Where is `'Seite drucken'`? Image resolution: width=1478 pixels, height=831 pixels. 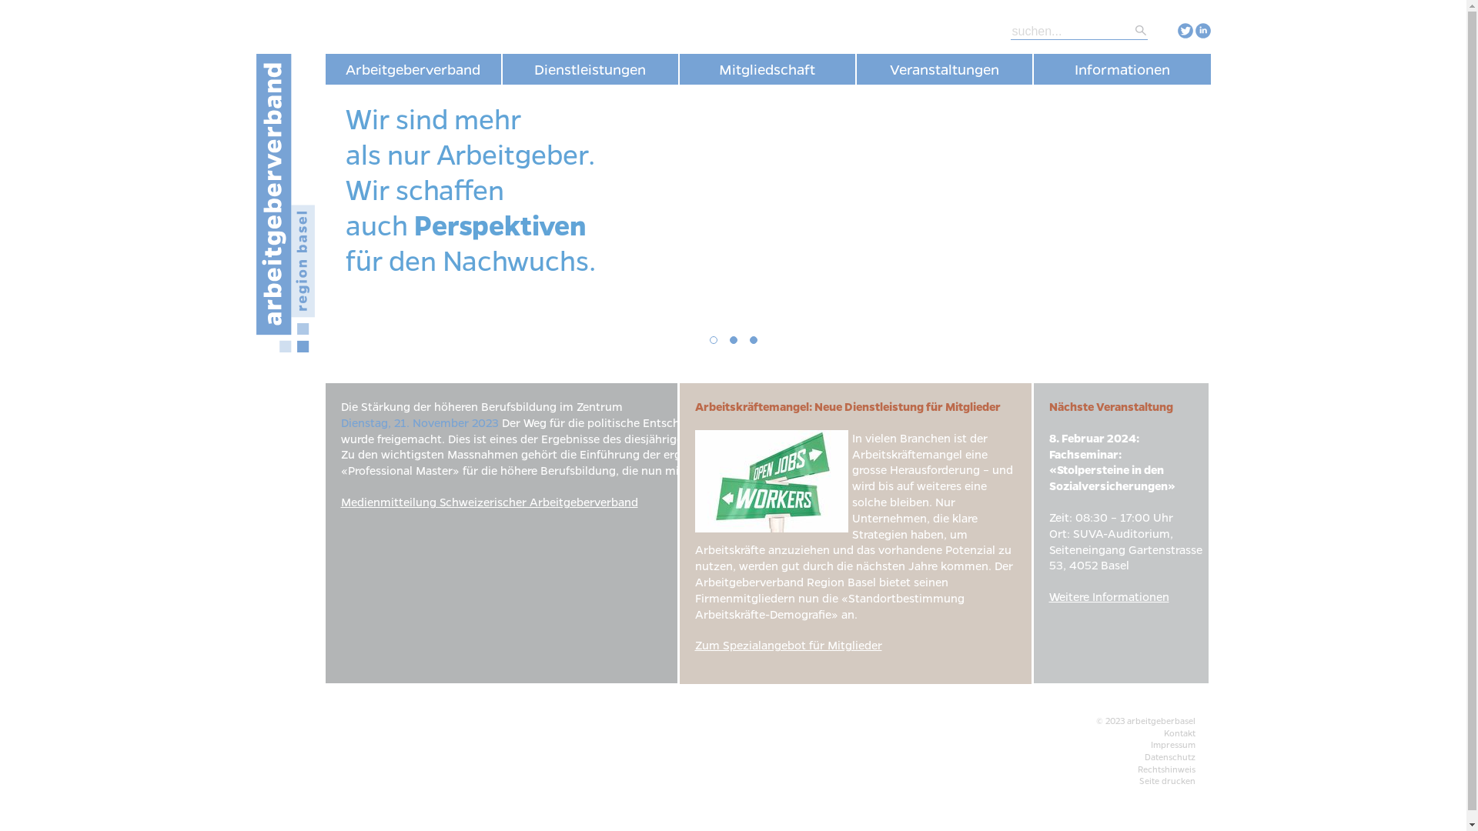 'Seite drucken' is located at coordinates (1167, 780).